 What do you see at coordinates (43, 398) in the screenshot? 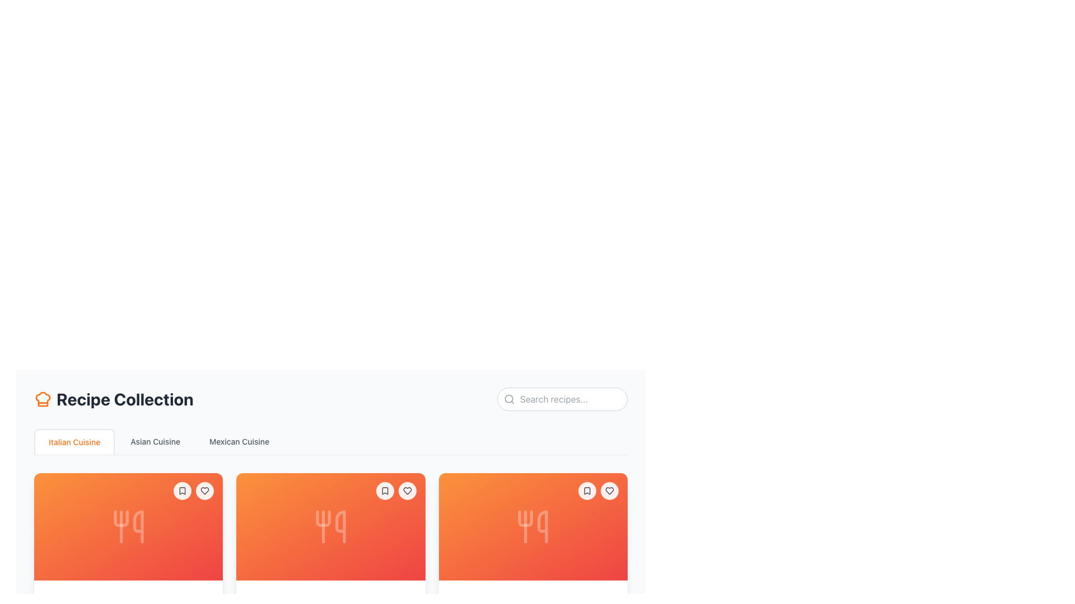
I see `the bright orange chef’s hat icon located to the left of 'Recipe Collection' in the header section` at bounding box center [43, 398].